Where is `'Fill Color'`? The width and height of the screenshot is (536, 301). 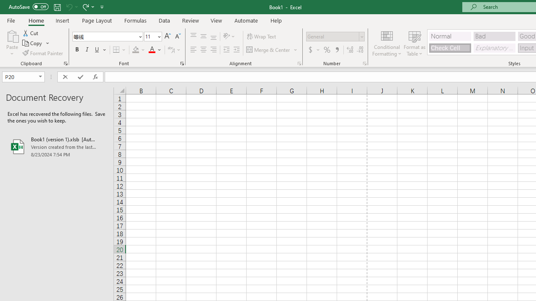
'Fill Color' is located at coordinates (139, 50).